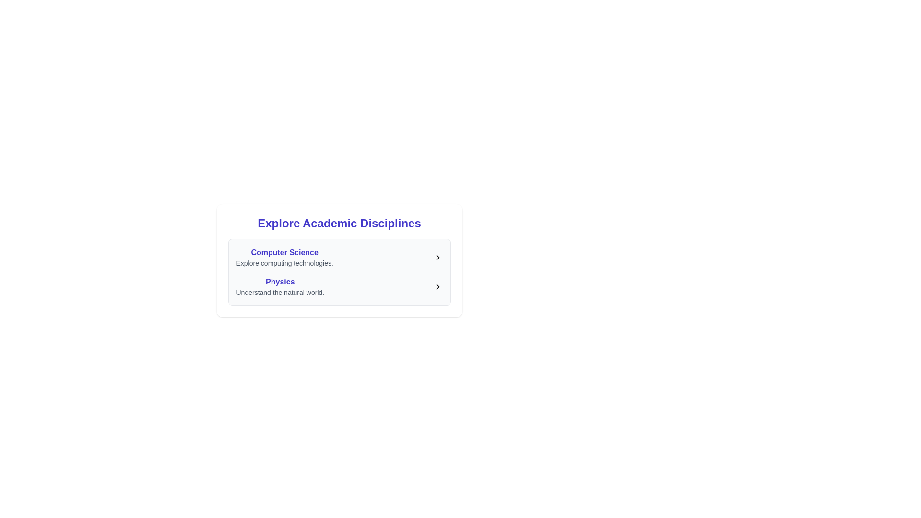 This screenshot has width=921, height=518. Describe the element at coordinates (437, 286) in the screenshot. I see `the navigation button located in the bottom-right corner of the 'Physics' item under 'Explore Academic Disciplines'` at that location.